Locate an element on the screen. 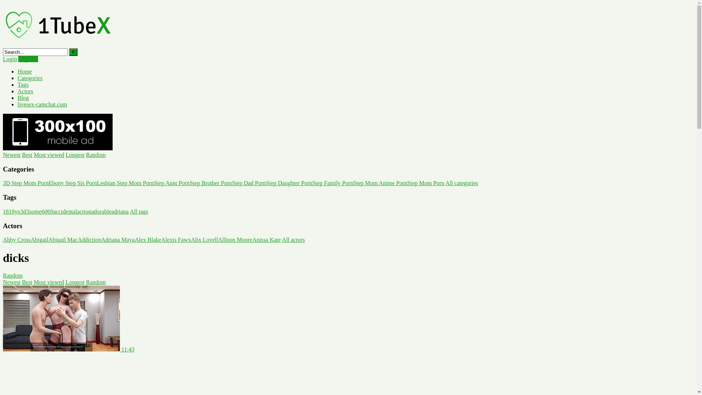 The height and width of the screenshot is (395, 702). 'Allison Moore' is located at coordinates (235, 240).